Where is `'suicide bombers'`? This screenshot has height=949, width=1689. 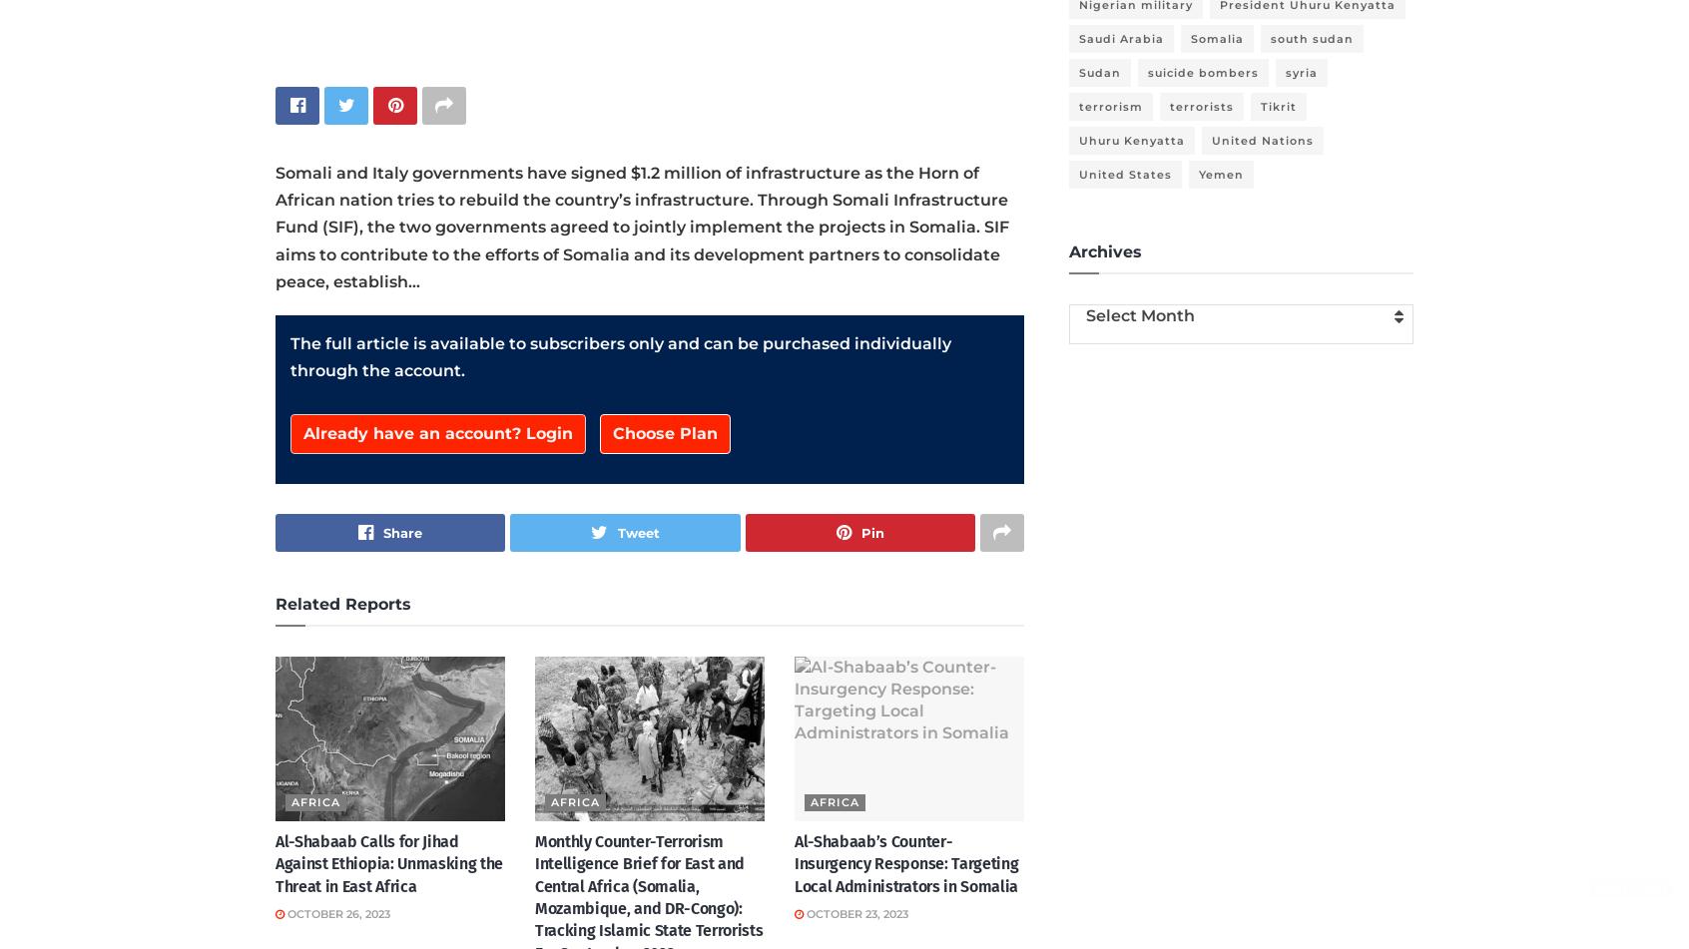 'suicide bombers' is located at coordinates (1203, 73).